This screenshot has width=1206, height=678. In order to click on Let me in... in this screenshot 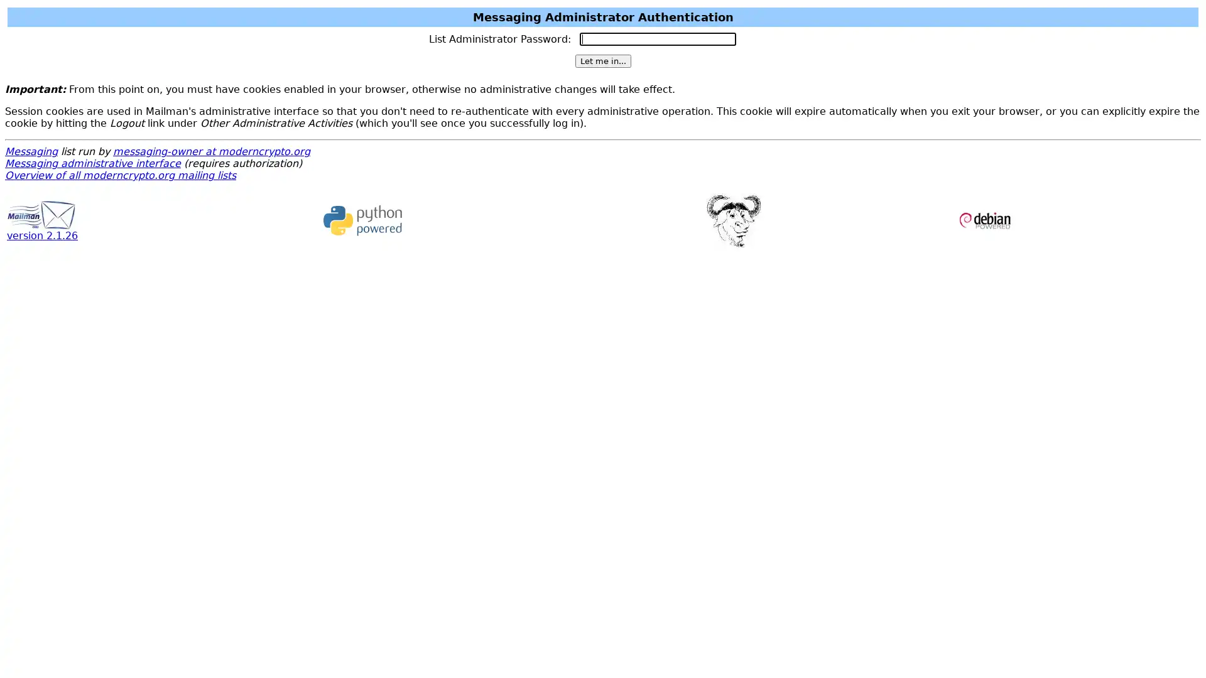, I will do `click(602, 61)`.